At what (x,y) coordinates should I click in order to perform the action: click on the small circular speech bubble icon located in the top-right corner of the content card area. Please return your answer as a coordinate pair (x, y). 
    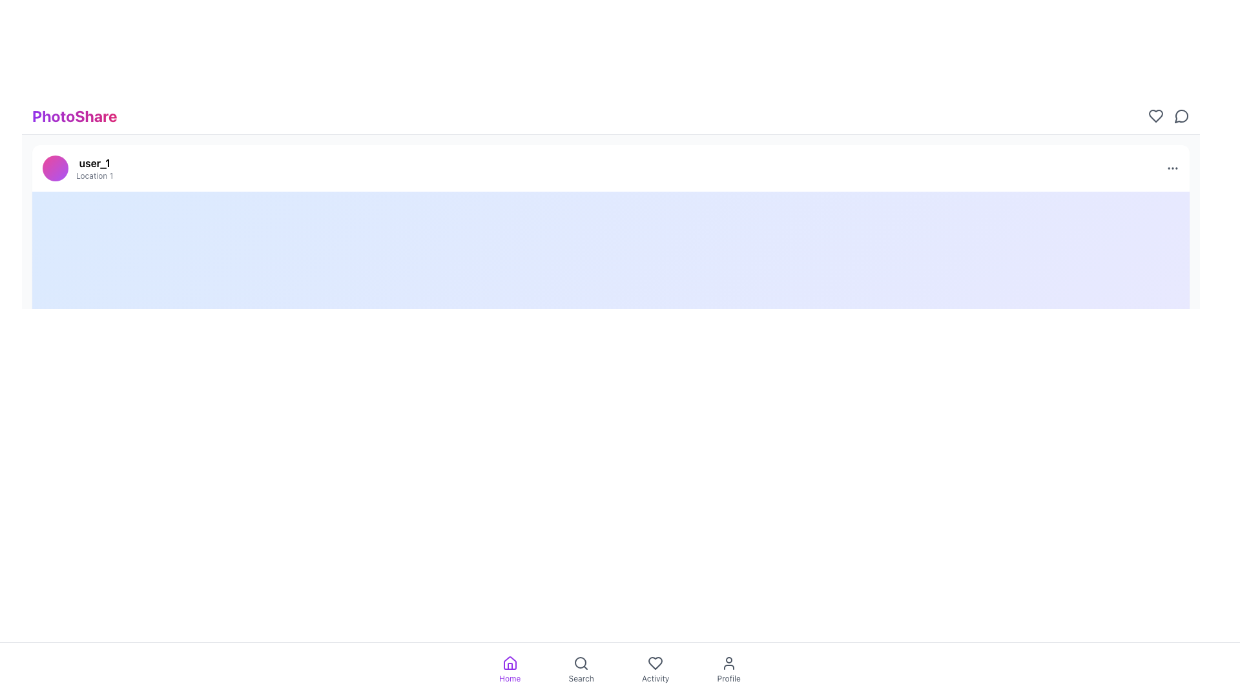
    Looking at the image, I should click on (1181, 116).